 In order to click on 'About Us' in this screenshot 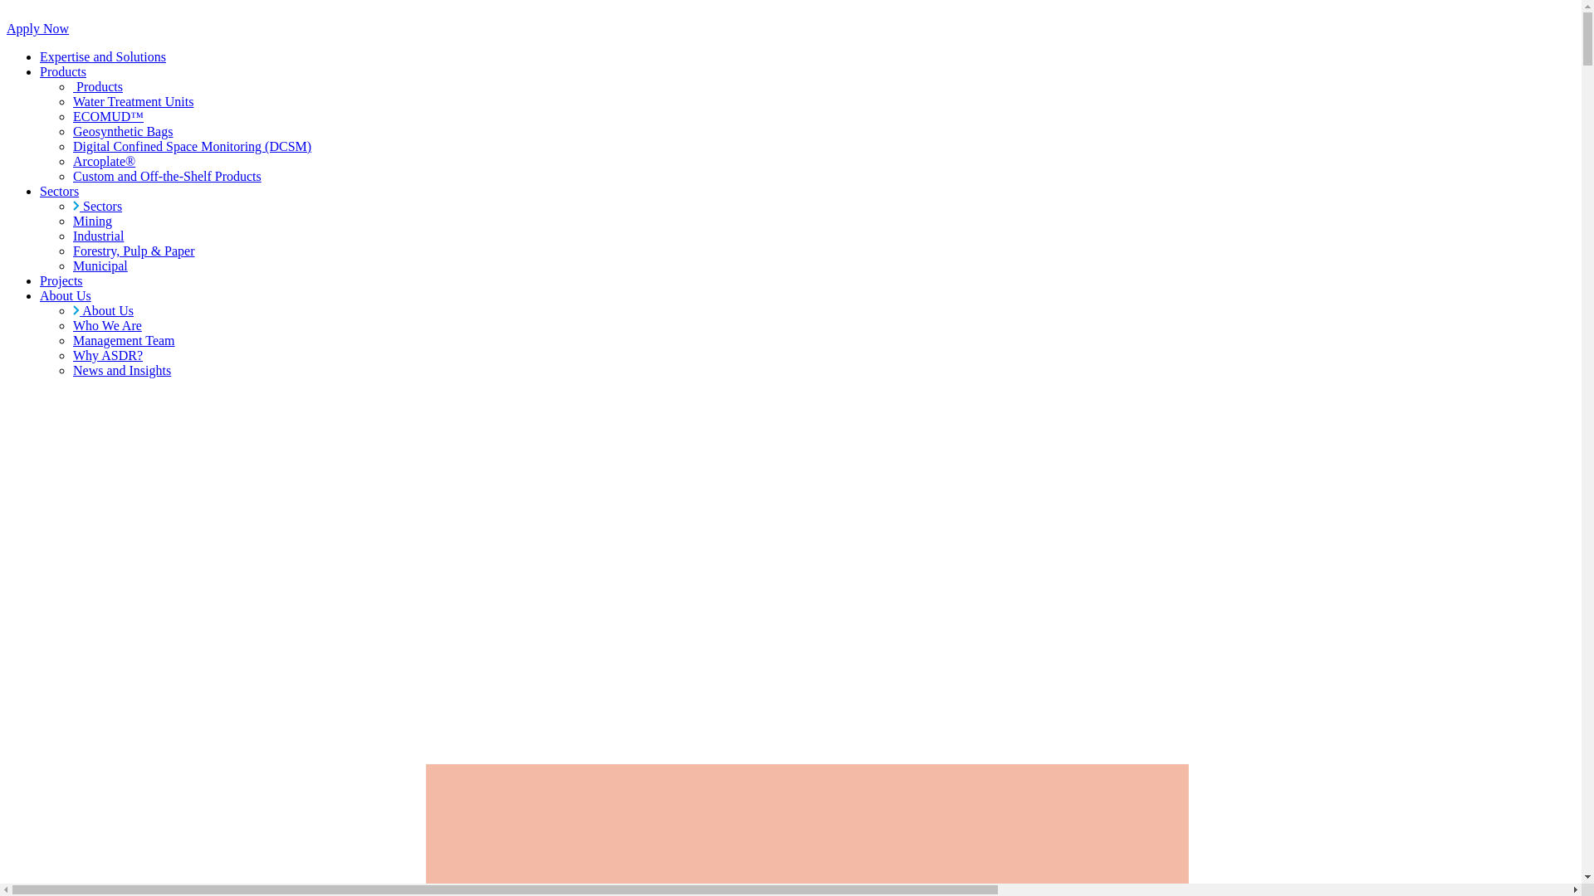, I will do `click(102, 310)`.